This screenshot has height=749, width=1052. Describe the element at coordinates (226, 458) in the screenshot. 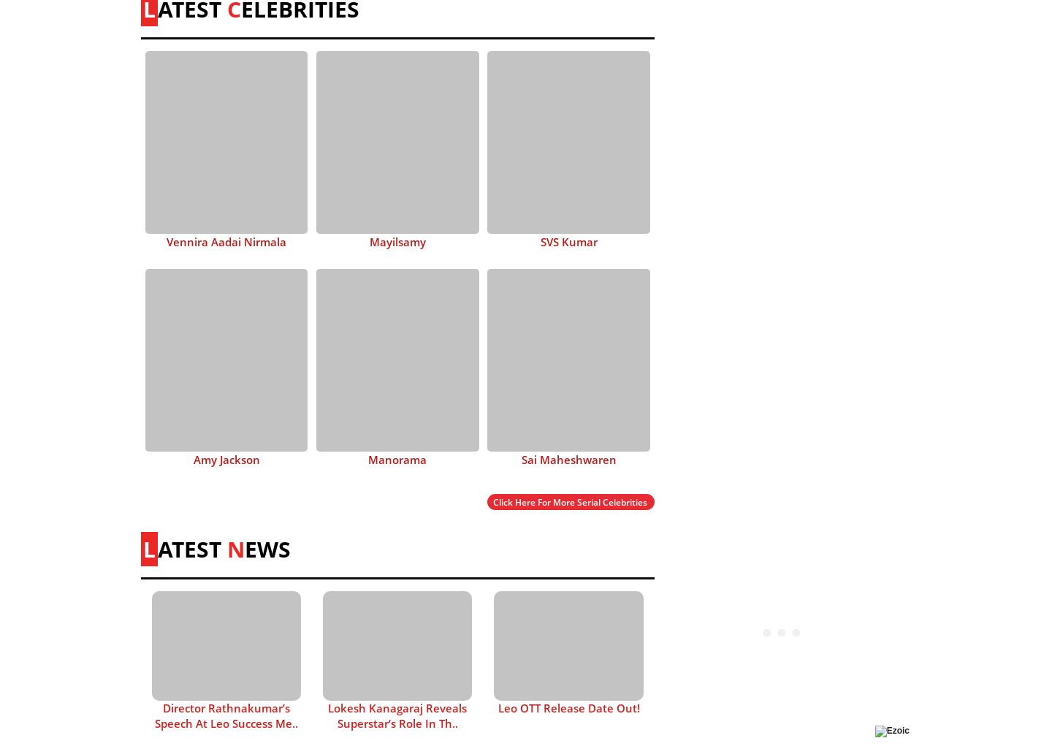

I see `'Amy Jackson'` at that location.